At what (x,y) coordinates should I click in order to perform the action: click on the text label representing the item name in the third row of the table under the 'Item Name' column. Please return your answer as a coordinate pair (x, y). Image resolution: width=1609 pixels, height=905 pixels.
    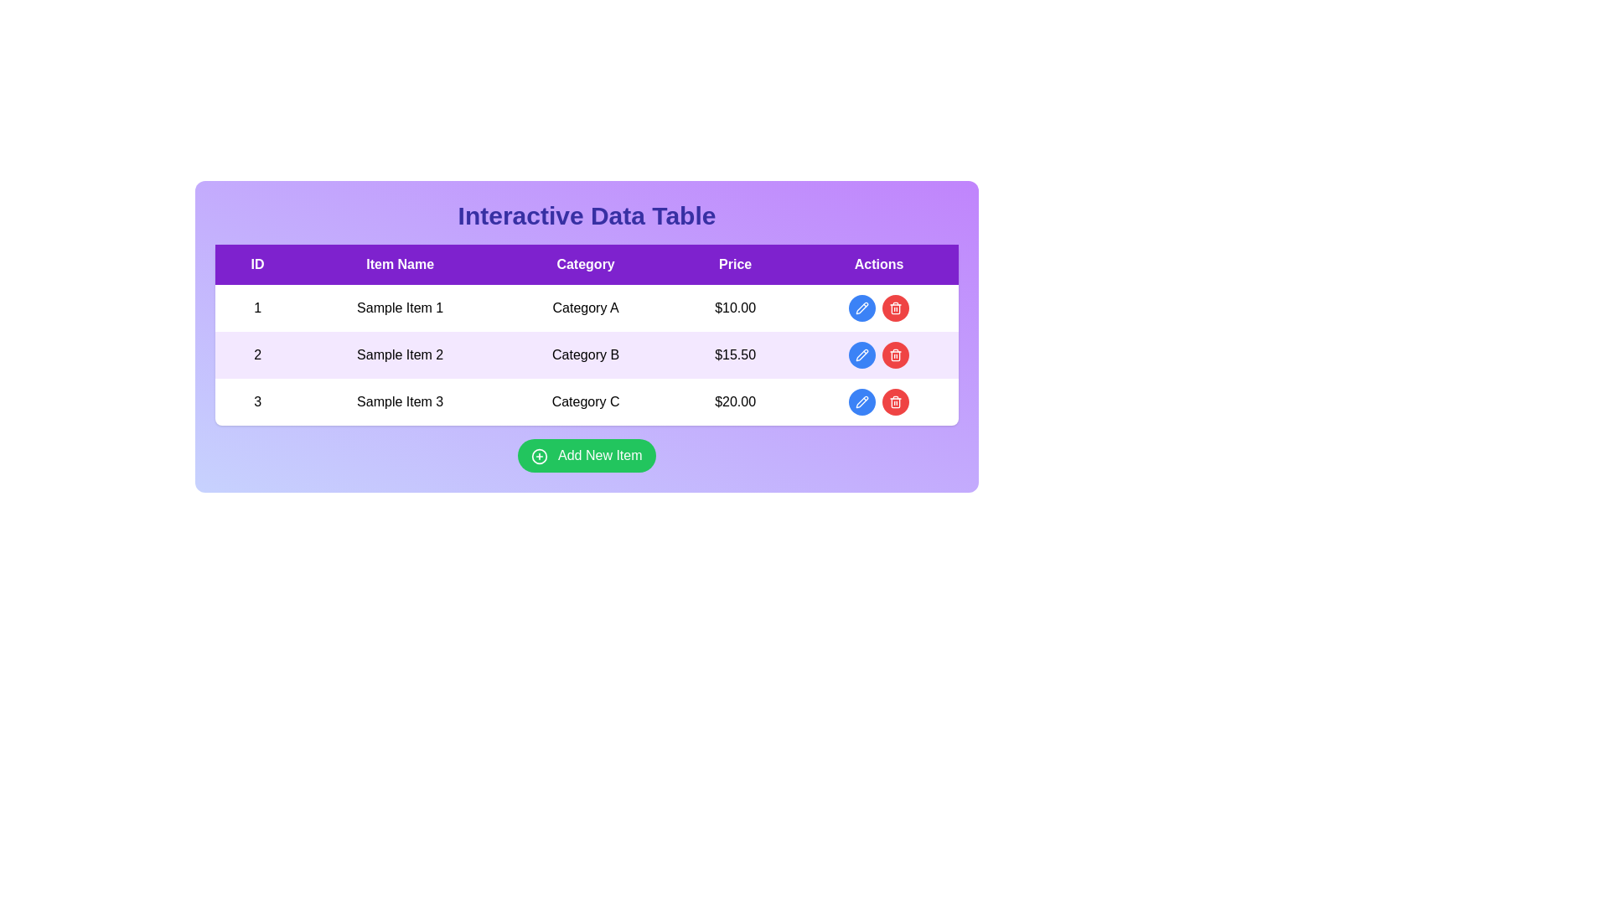
    Looking at the image, I should click on (399, 401).